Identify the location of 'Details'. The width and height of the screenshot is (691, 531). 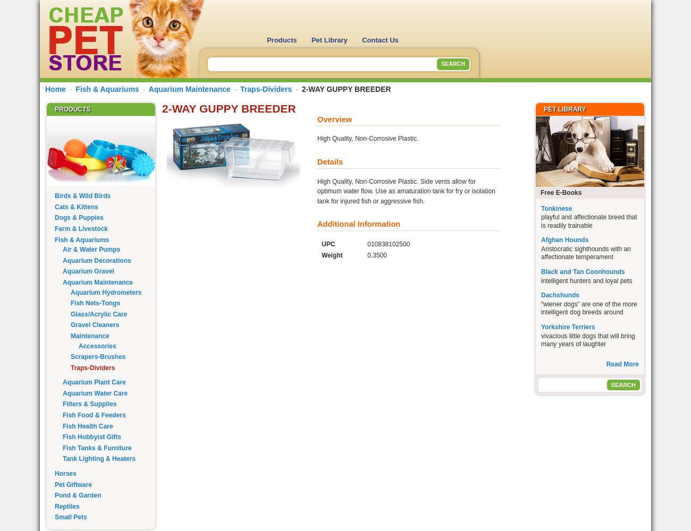
(316, 161).